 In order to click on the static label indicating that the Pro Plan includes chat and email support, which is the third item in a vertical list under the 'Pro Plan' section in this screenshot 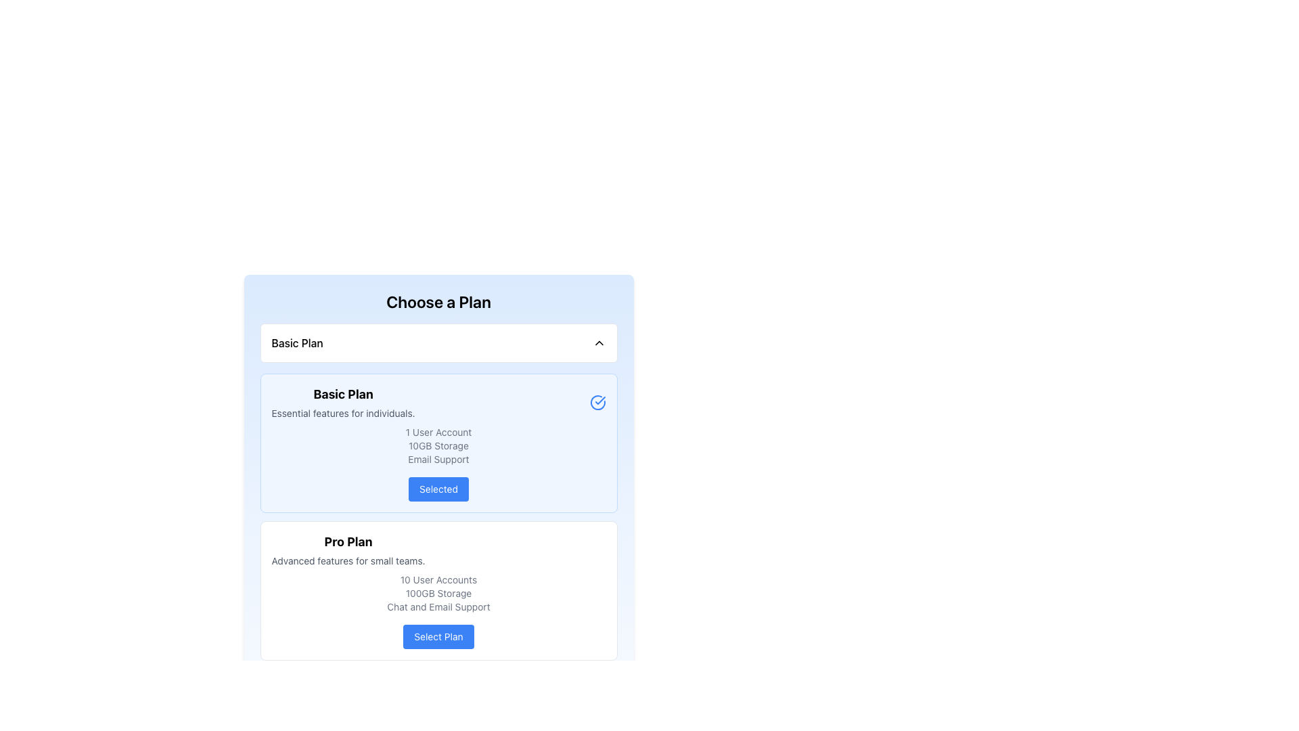, I will do `click(438, 606)`.